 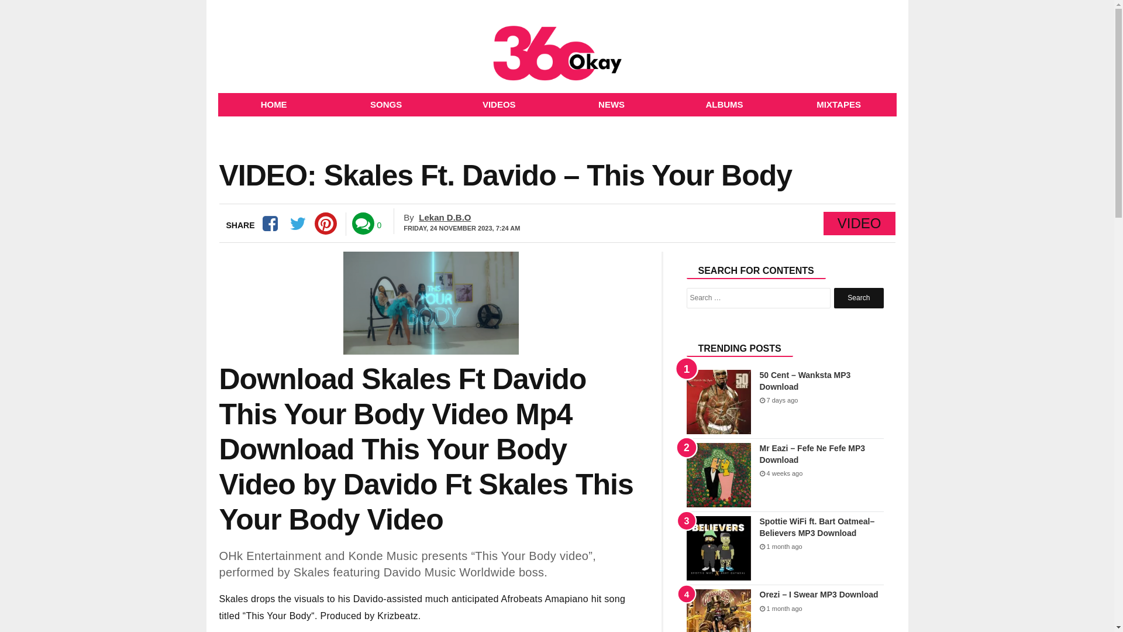 I want to click on 'VIDEOS', so click(x=499, y=104).